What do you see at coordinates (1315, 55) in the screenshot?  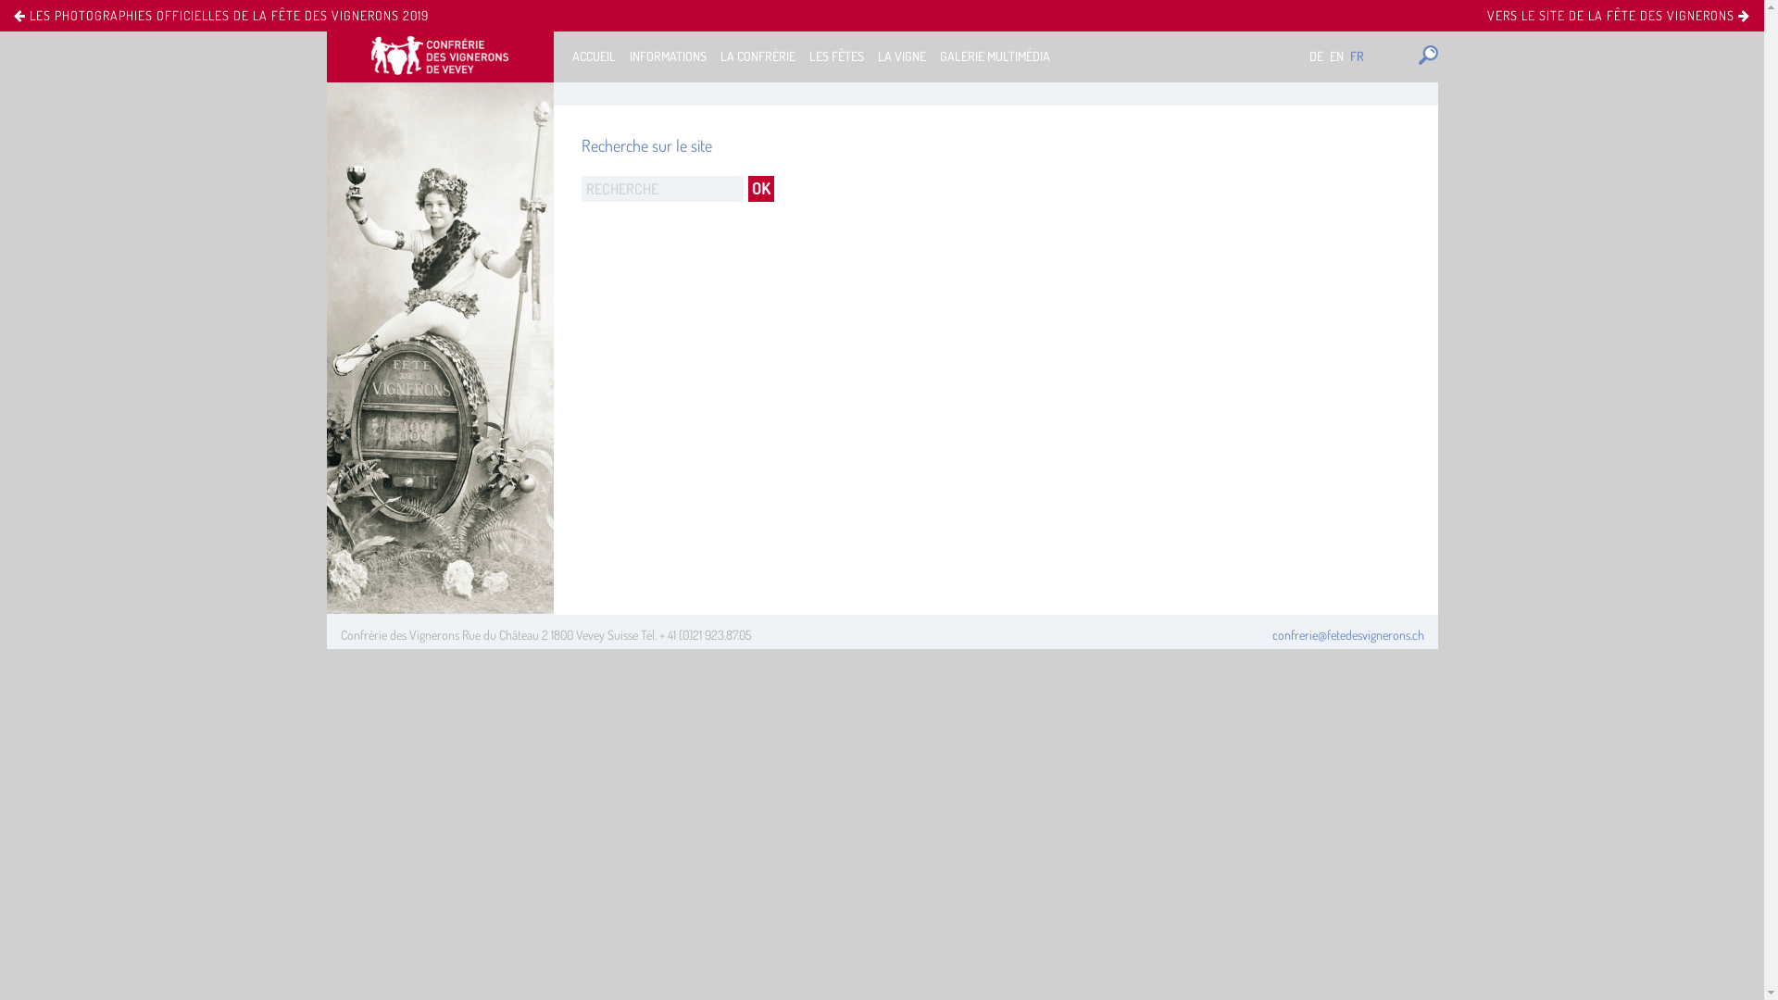 I see `'DE'` at bounding box center [1315, 55].